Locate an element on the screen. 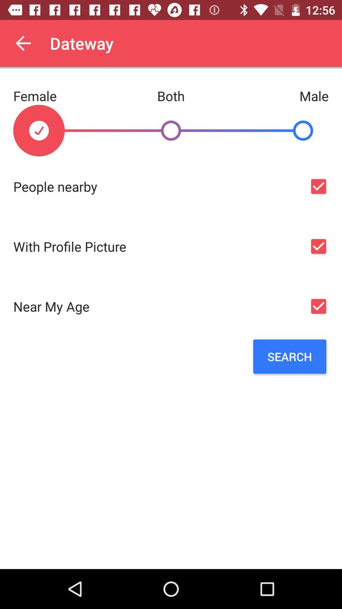 This screenshot has height=609, width=342. app to the left of dateway app is located at coordinates (23, 43).